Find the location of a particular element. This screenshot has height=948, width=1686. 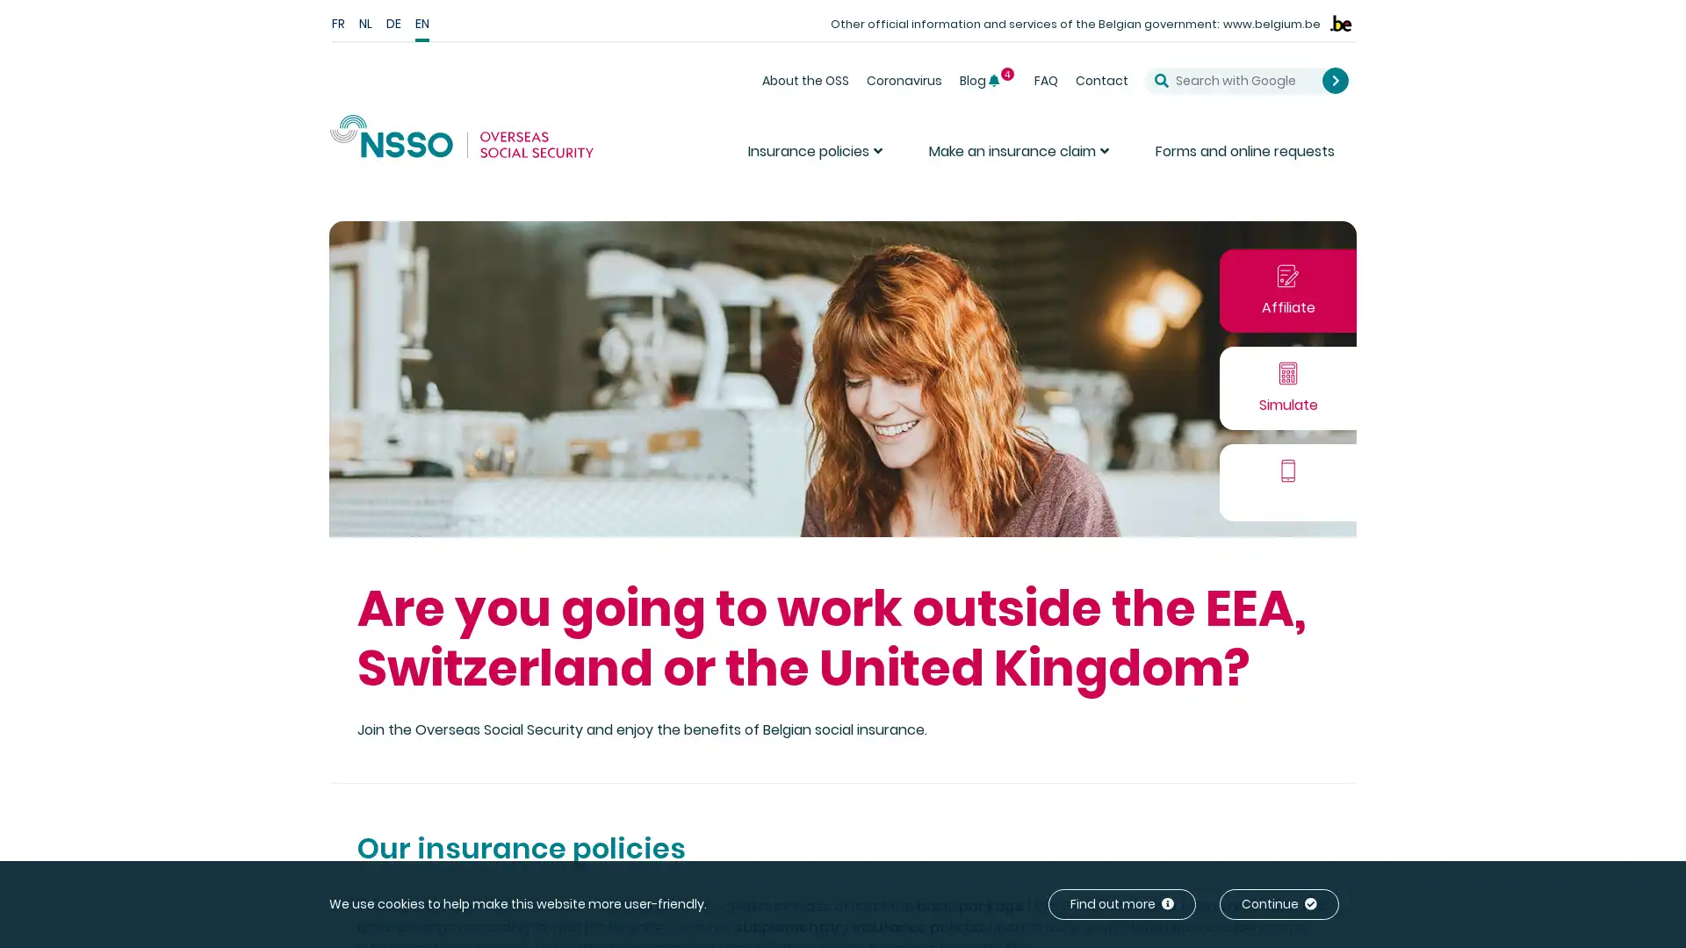

Affiliate is located at coordinates (1288, 289).